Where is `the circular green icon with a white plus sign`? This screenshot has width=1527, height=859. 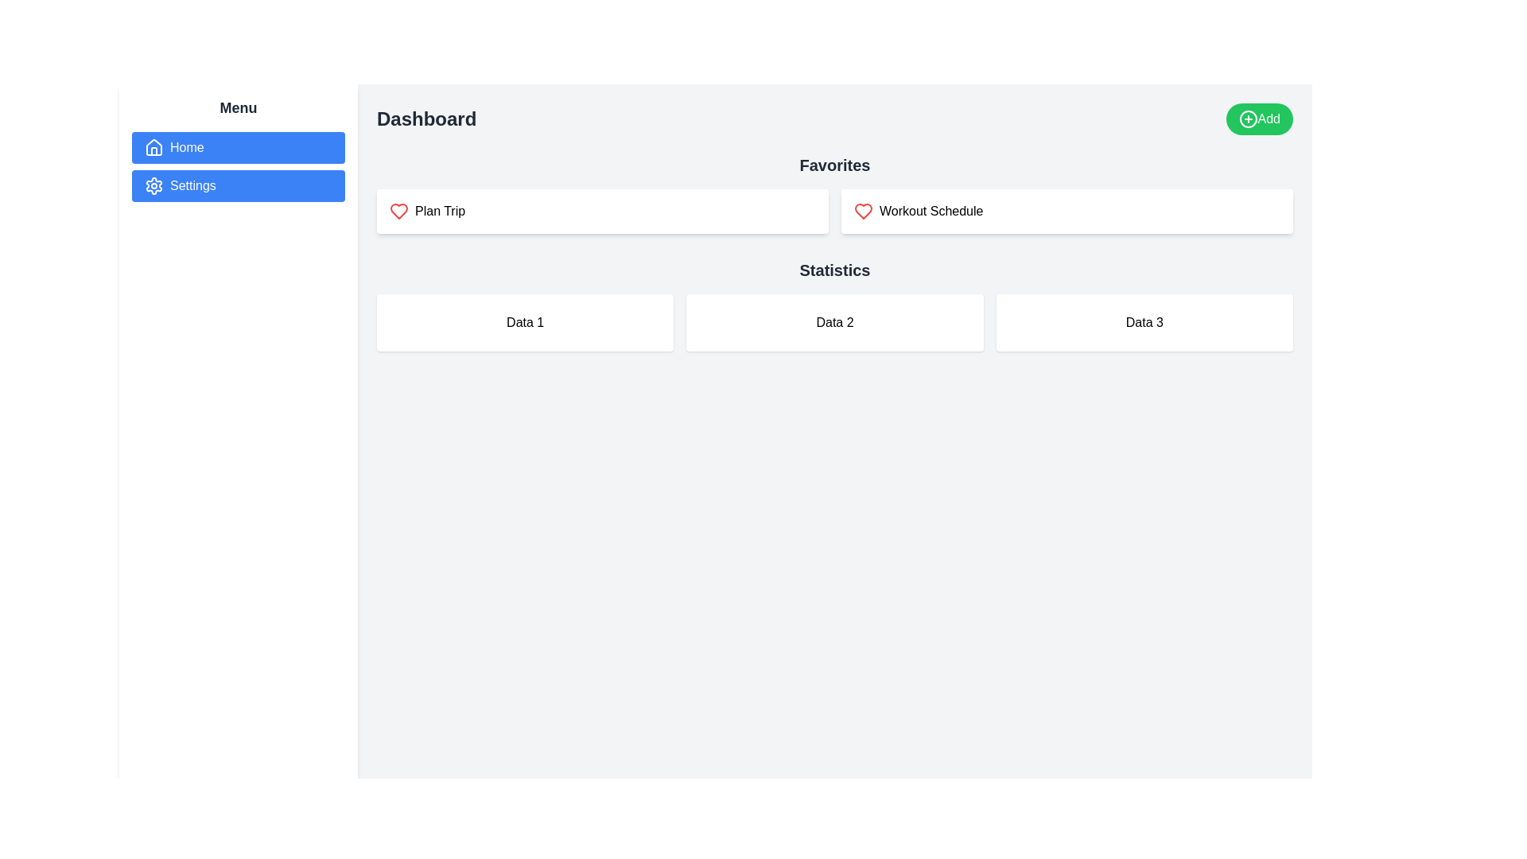
the circular green icon with a white plus sign is located at coordinates (1247, 119).